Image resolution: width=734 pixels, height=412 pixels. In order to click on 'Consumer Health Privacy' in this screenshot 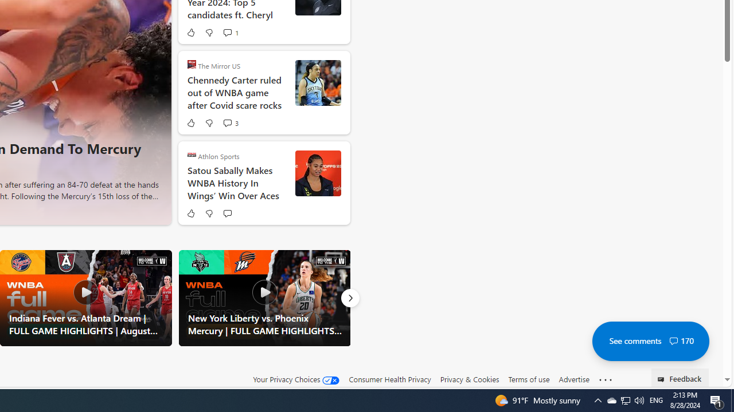, I will do `click(390, 379)`.